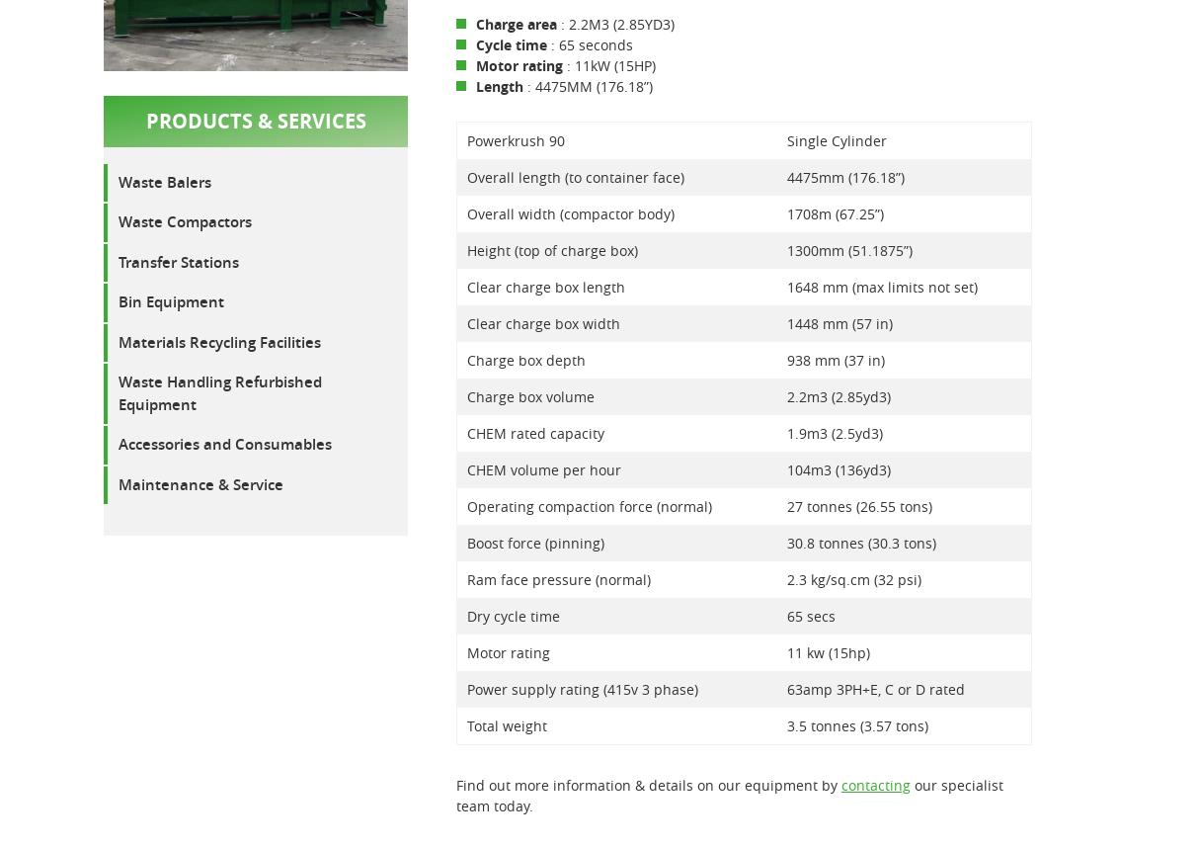 Image resolution: width=1199 pixels, height=848 pixels. Describe the element at coordinates (254, 120) in the screenshot. I see `'Products & Services'` at that location.